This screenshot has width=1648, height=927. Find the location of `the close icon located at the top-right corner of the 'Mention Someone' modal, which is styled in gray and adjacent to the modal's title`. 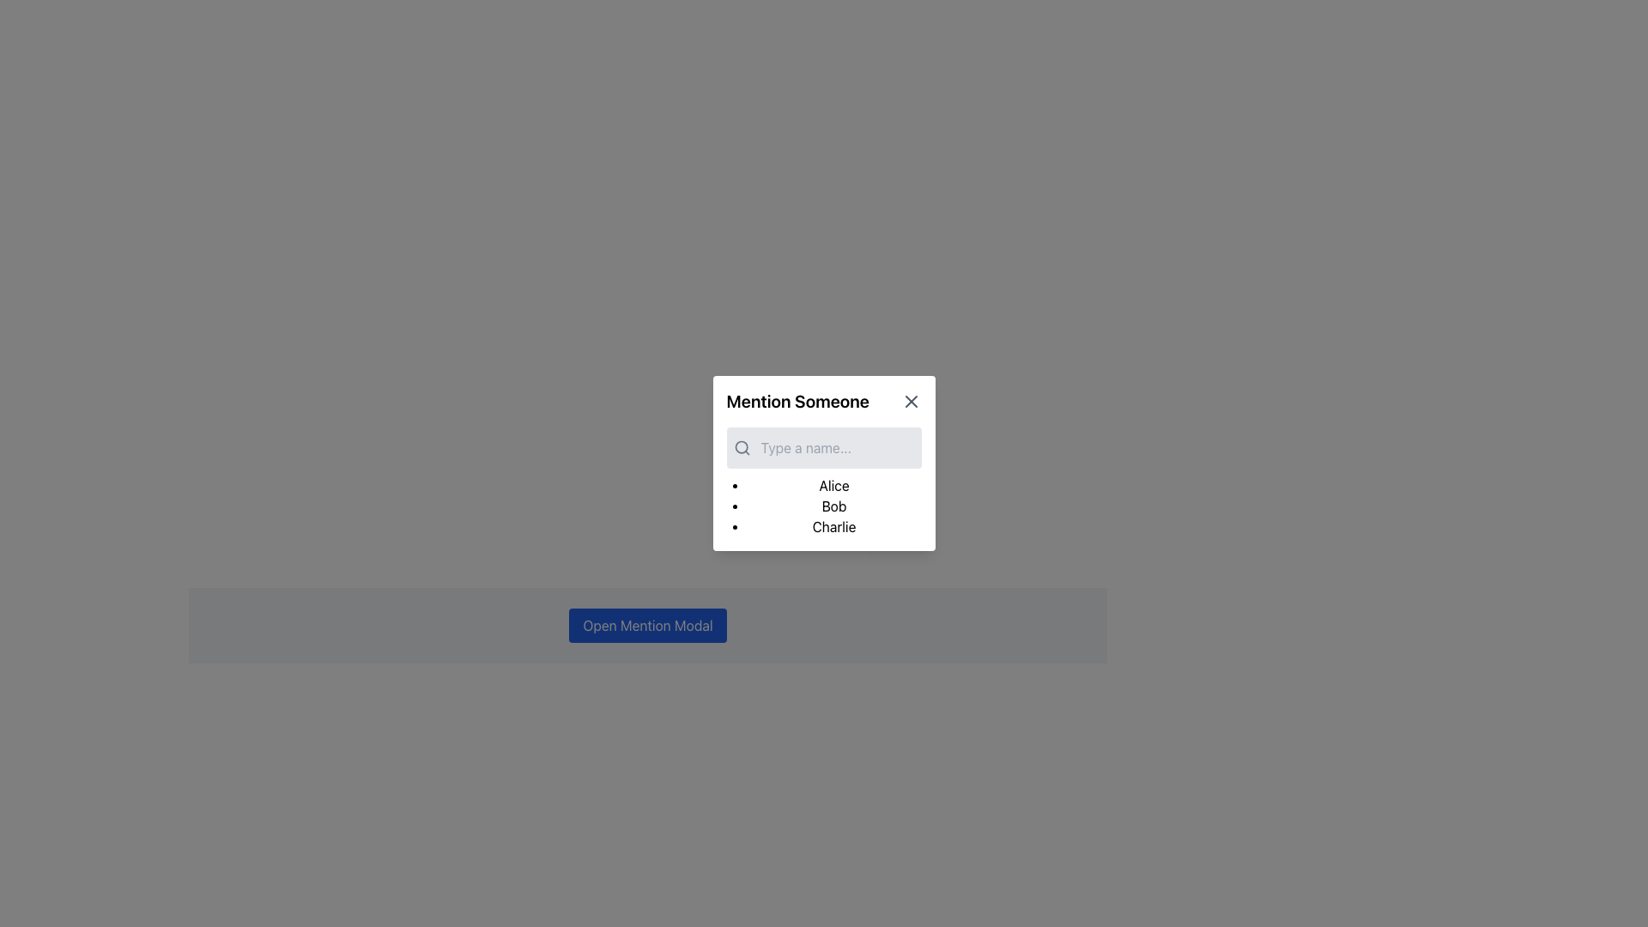

the close icon located at the top-right corner of the 'Mention Someone' modal, which is styled in gray and adjacent to the modal's title is located at coordinates (910, 401).